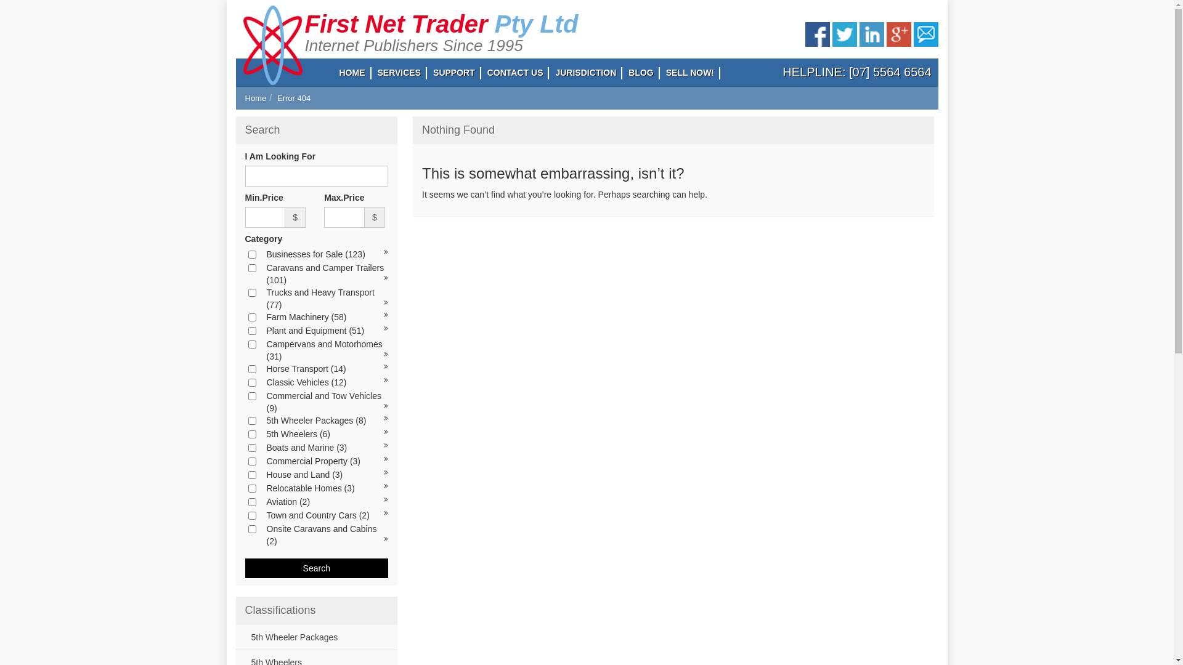 The image size is (1183, 665). Describe the element at coordinates (291, 637) in the screenshot. I see `'5th Wheeler Packages'` at that location.